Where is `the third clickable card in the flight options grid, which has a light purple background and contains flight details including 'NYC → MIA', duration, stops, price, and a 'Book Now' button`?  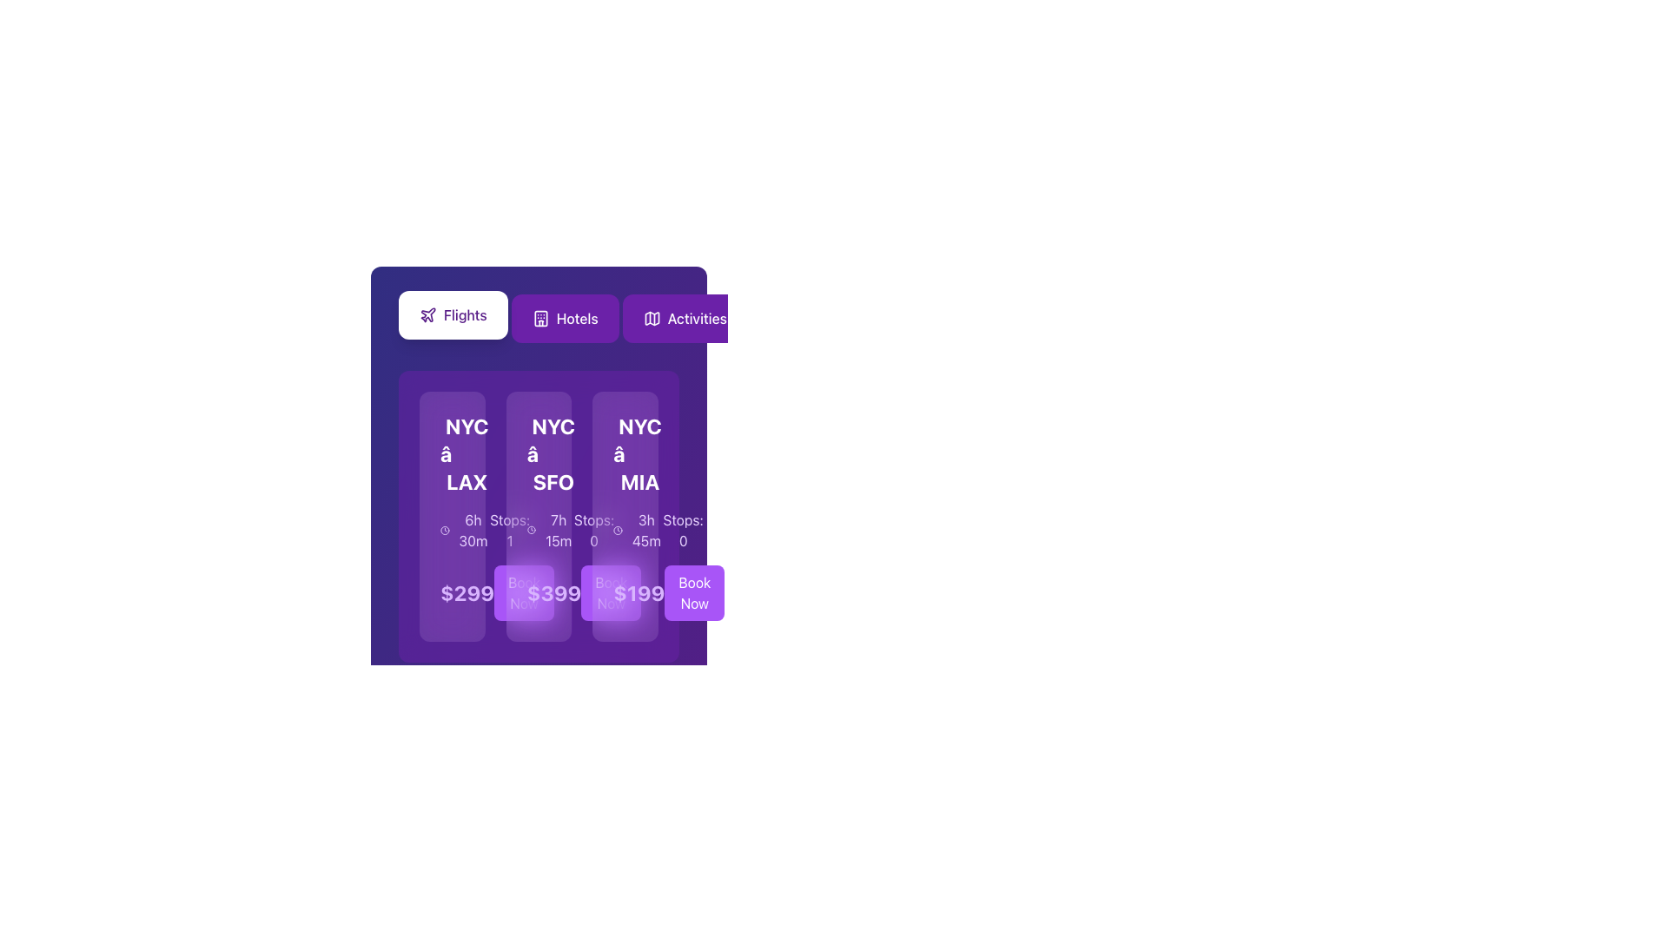
the third clickable card in the flight options grid, which has a light purple background and contains flight details including 'NYC → MIA', duration, stops, price, and a 'Book Now' button is located at coordinates (625, 515).